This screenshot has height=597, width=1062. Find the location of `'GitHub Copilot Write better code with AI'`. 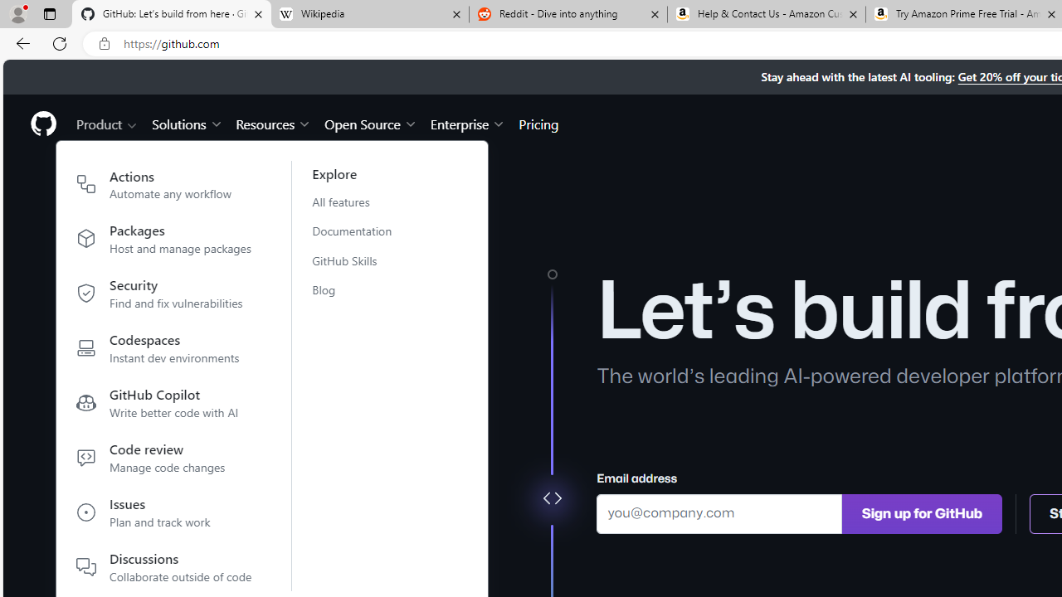

'GitHub Copilot Write better code with AI' is located at coordinates (164, 406).